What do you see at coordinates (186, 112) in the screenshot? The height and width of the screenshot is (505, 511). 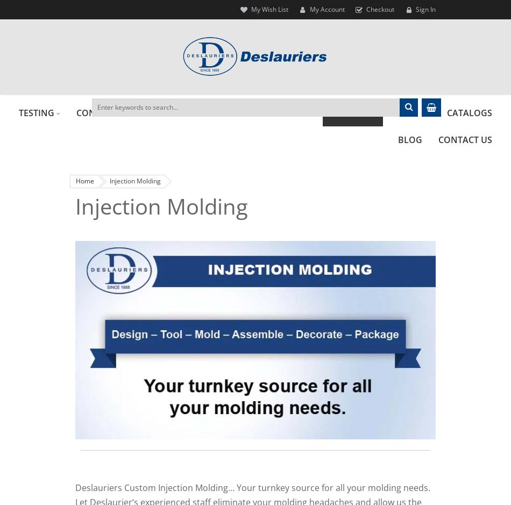 I see `'FORMING'` at bounding box center [186, 112].